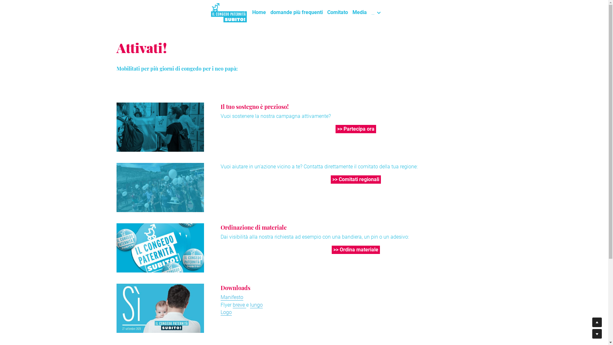 Image resolution: width=613 pixels, height=345 pixels. What do you see at coordinates (355, 180) in the screenshot?
I see `'>> Comitati regionali'` at bounding box center [355, 180].